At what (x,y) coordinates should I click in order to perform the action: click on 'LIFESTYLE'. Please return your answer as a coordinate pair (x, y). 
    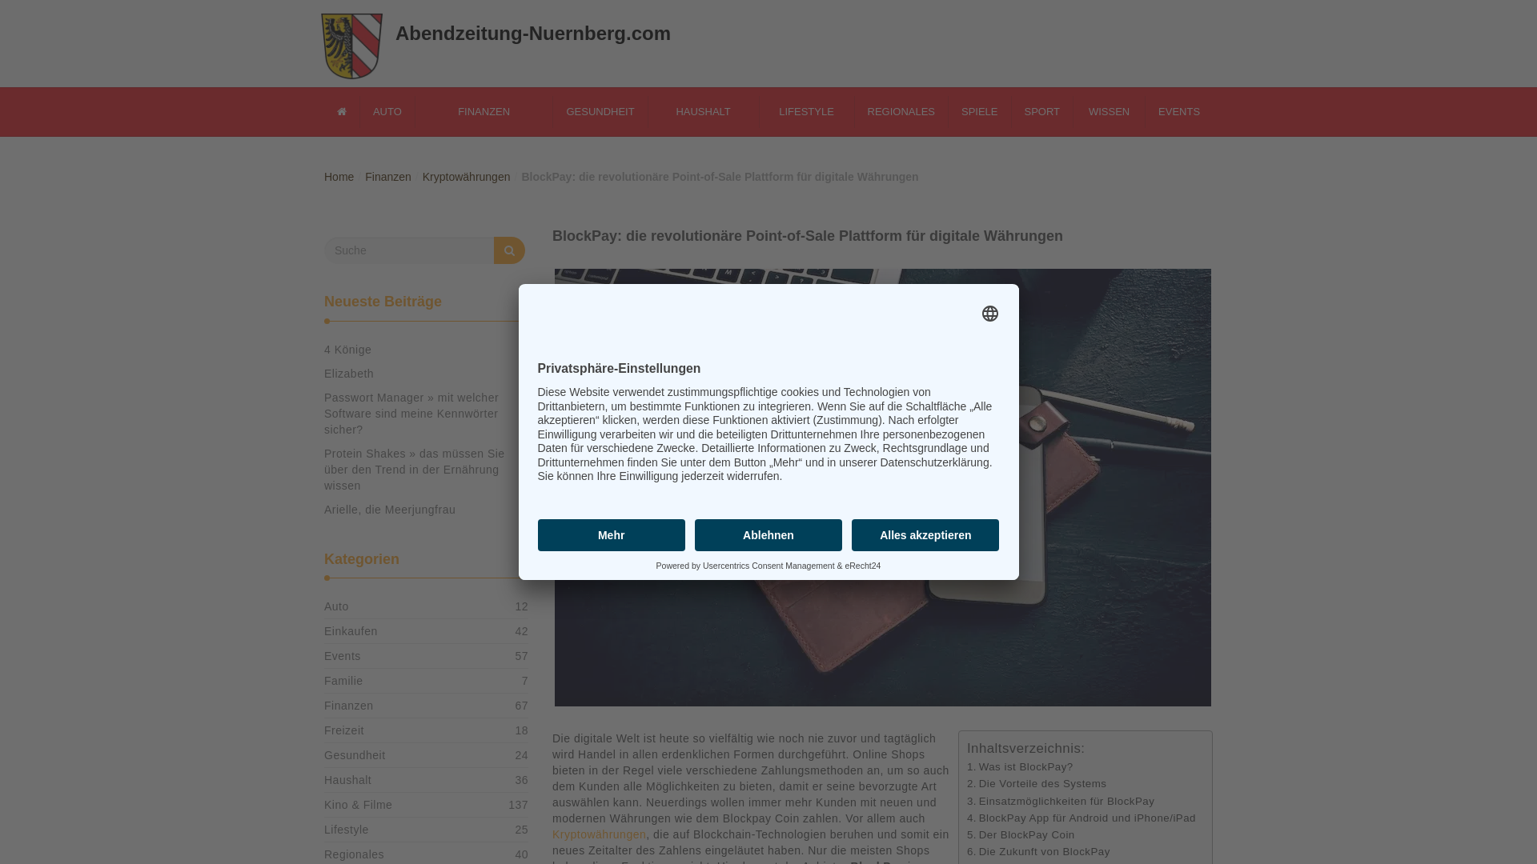
    Looking at the image, I should click on (800, 110).